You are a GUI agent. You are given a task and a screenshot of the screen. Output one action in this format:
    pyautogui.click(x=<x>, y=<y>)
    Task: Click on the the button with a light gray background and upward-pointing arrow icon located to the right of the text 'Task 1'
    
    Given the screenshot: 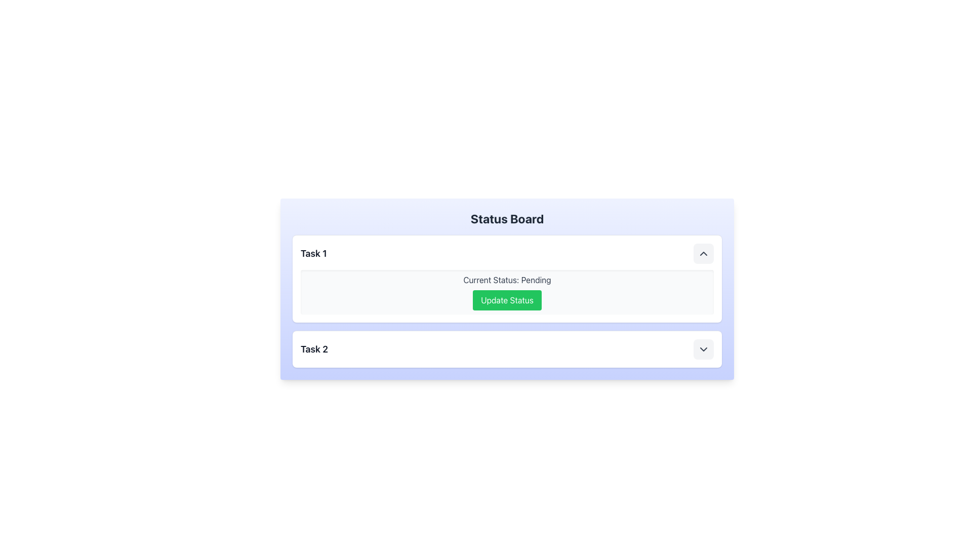 What is the action you would take?
    pyautogui.click(x=703, y=253)
    